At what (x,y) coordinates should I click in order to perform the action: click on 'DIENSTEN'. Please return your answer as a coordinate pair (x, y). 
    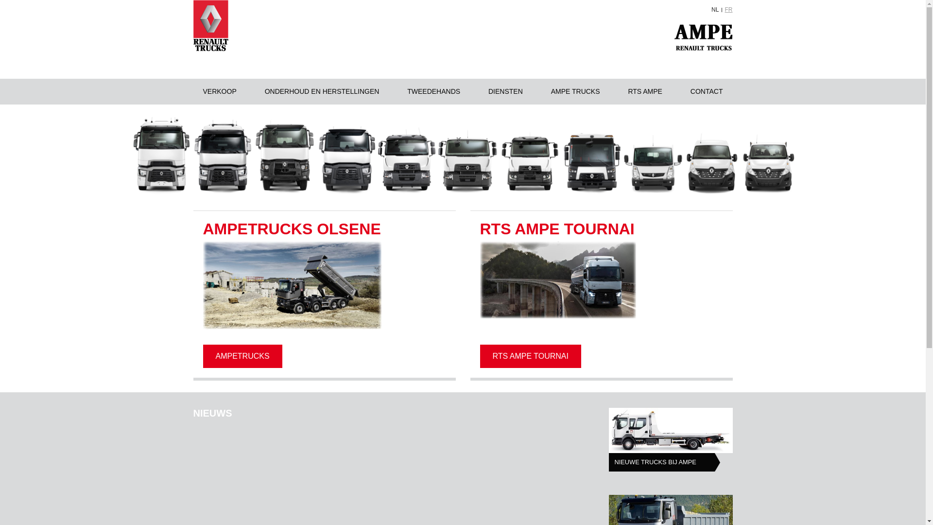
    Looking at the image, I should click on (478, 91).